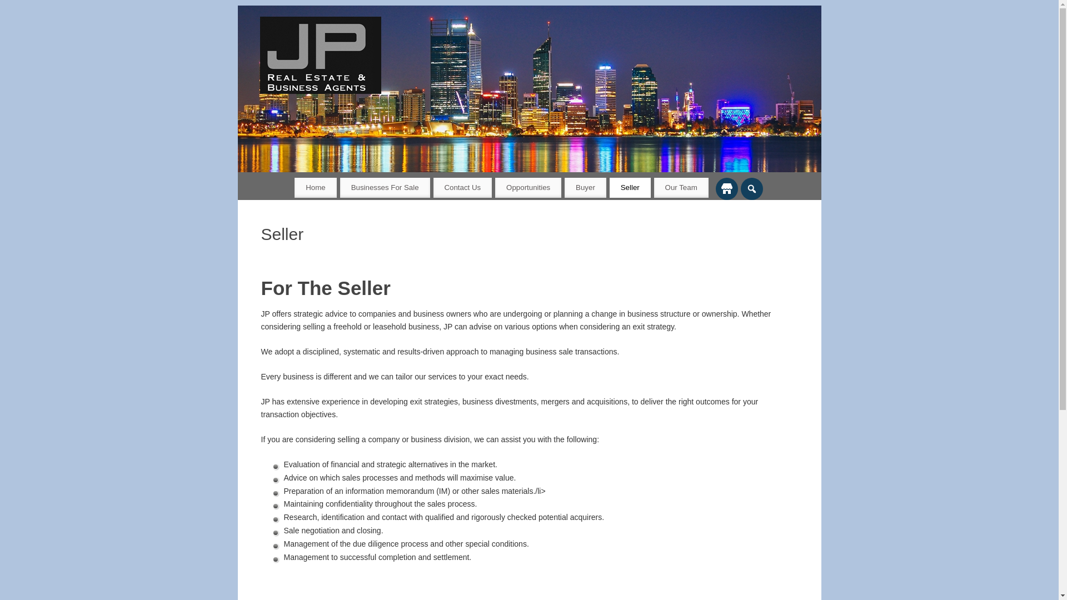  Describe the element at coordinates (630, 187) in the screenshot. I see `'Seller'` at that location.